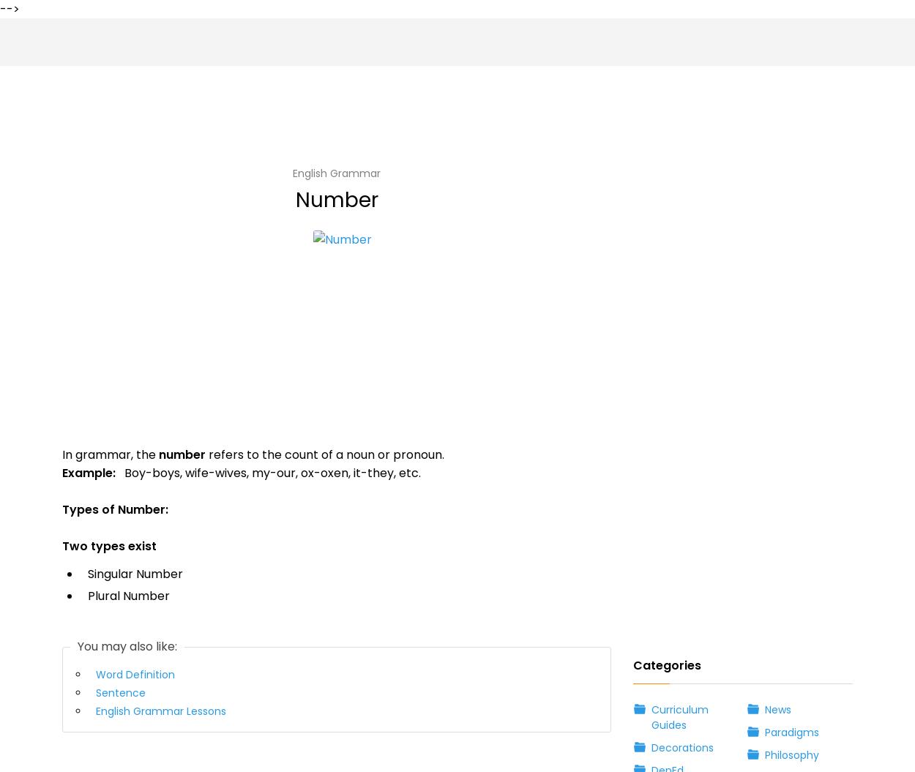 Image resolution: width=915 pixels, height=772 pixels. What do you see at coordinates (61, 520) in the screenshot?
I see `'There is no specific rule for changing the number of pronouns. It’s all about memorizing.'` at bounding box center [61, 520].